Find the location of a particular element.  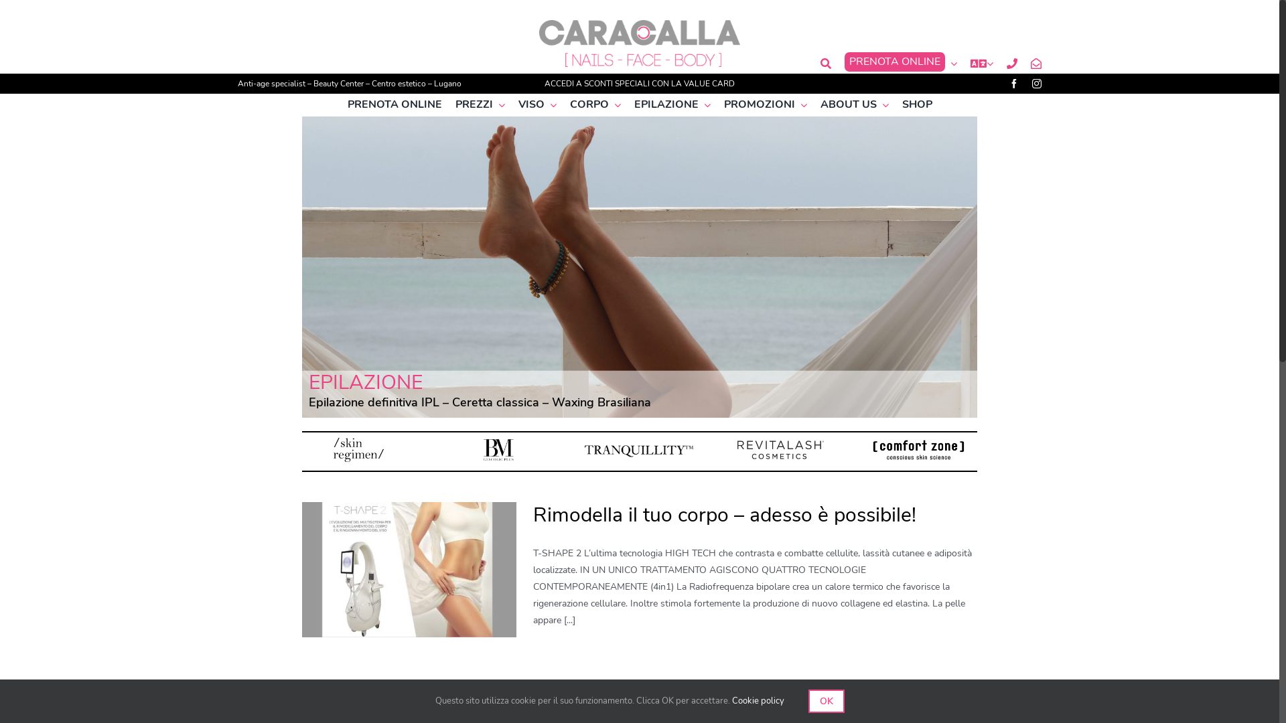

'Instagram' is located at coordinates (1036, 83).